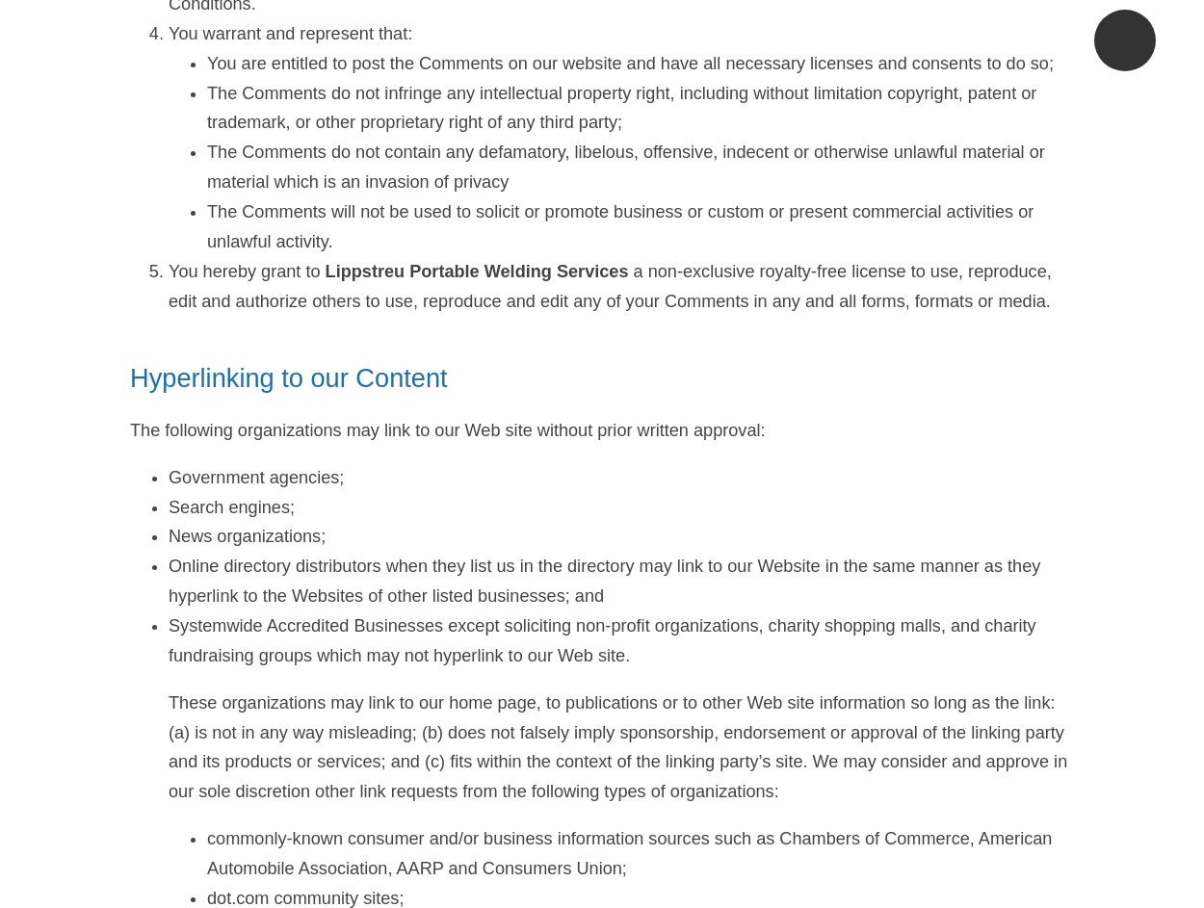 The image size is (1204, 908). Describe the element at coordinates (620, 225) in the screenshot. I see `'The Comments will not be used to solicit or promote business or custom or present commercial activities or unlawful activity.'` at that location.